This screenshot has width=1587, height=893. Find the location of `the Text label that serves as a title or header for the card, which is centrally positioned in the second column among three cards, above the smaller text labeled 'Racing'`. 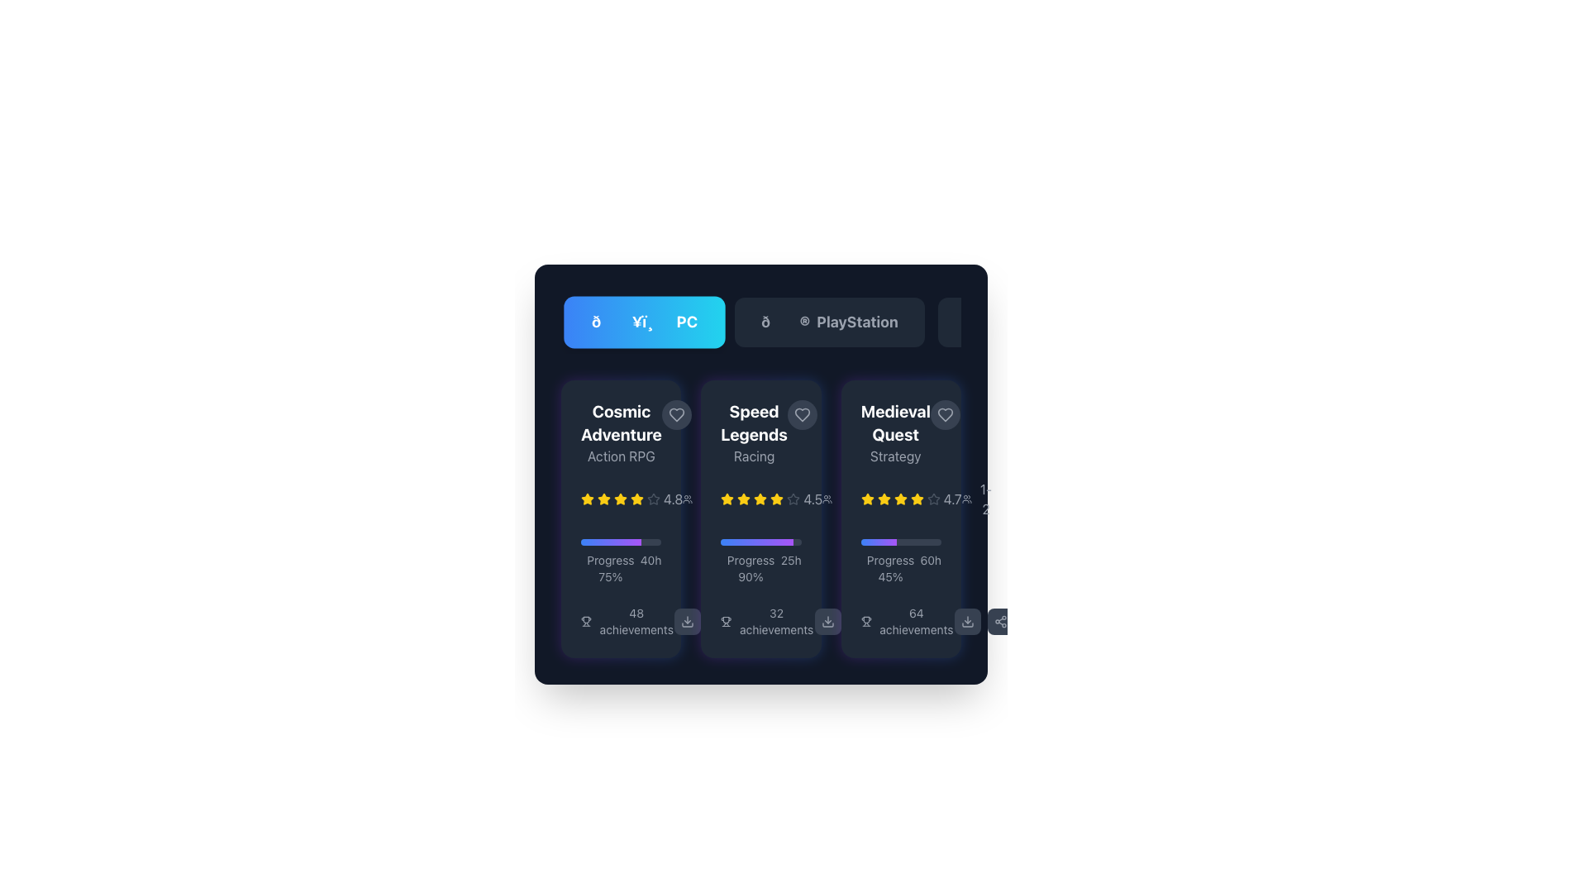

the Text label that serves as a title or header for the card, which is centrally positioned in the second column among three cards, above the smaller text labeled 'Racing' is located at coordinates (753, 423).